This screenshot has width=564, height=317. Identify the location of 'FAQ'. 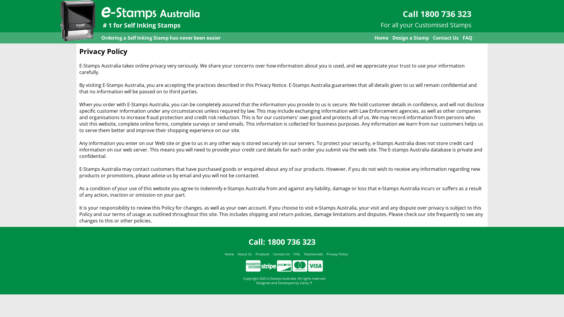
(296, 254).